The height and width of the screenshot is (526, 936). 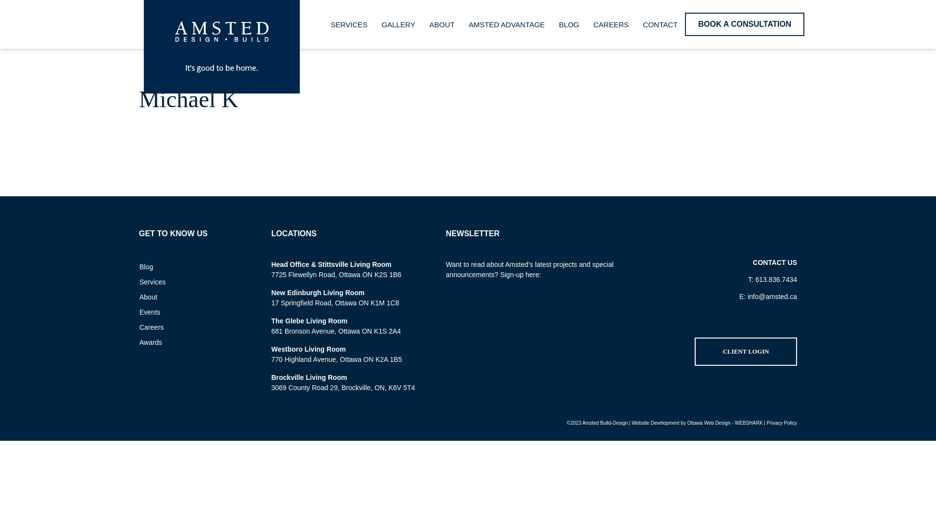 What do you see at coordinates (748, 422) in the screenshot?
I see `'WEBSHARK'` at bounding box center [748, 422].